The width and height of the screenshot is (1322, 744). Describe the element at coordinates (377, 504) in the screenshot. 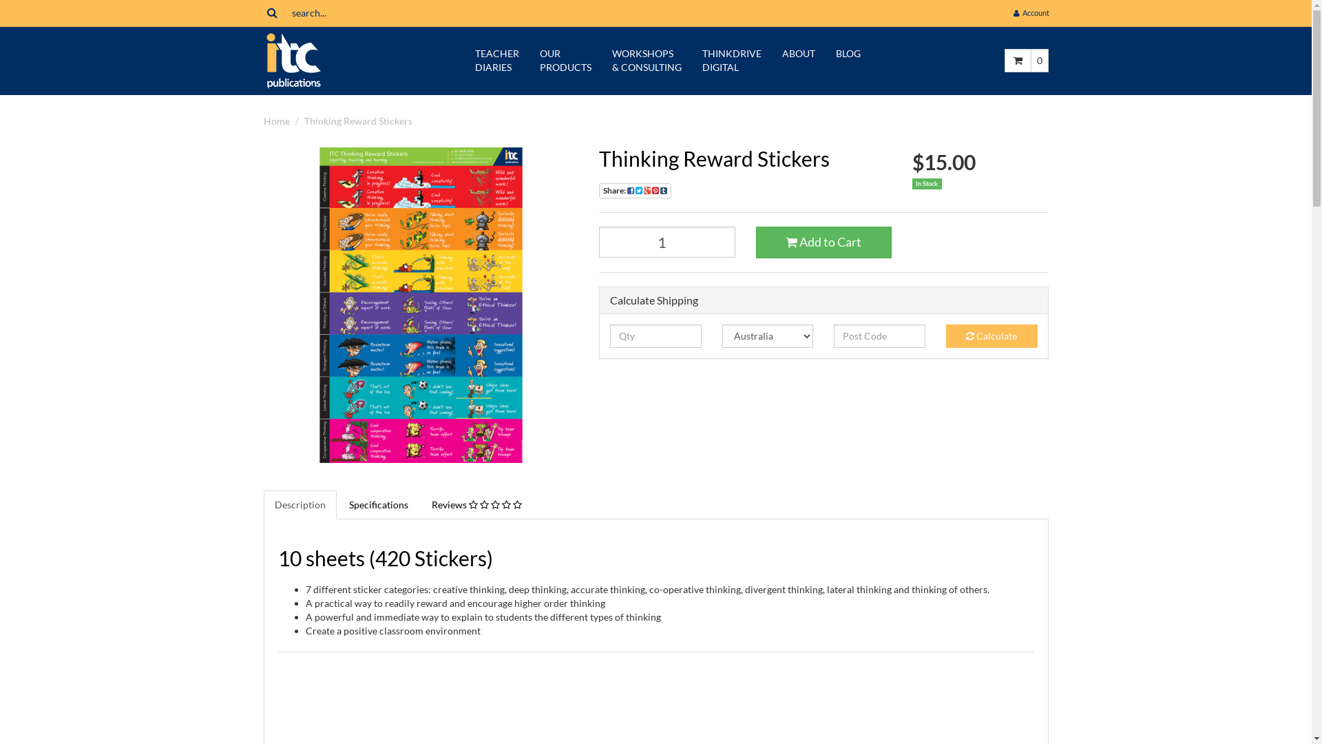

I see `'Specifications'` at that location.